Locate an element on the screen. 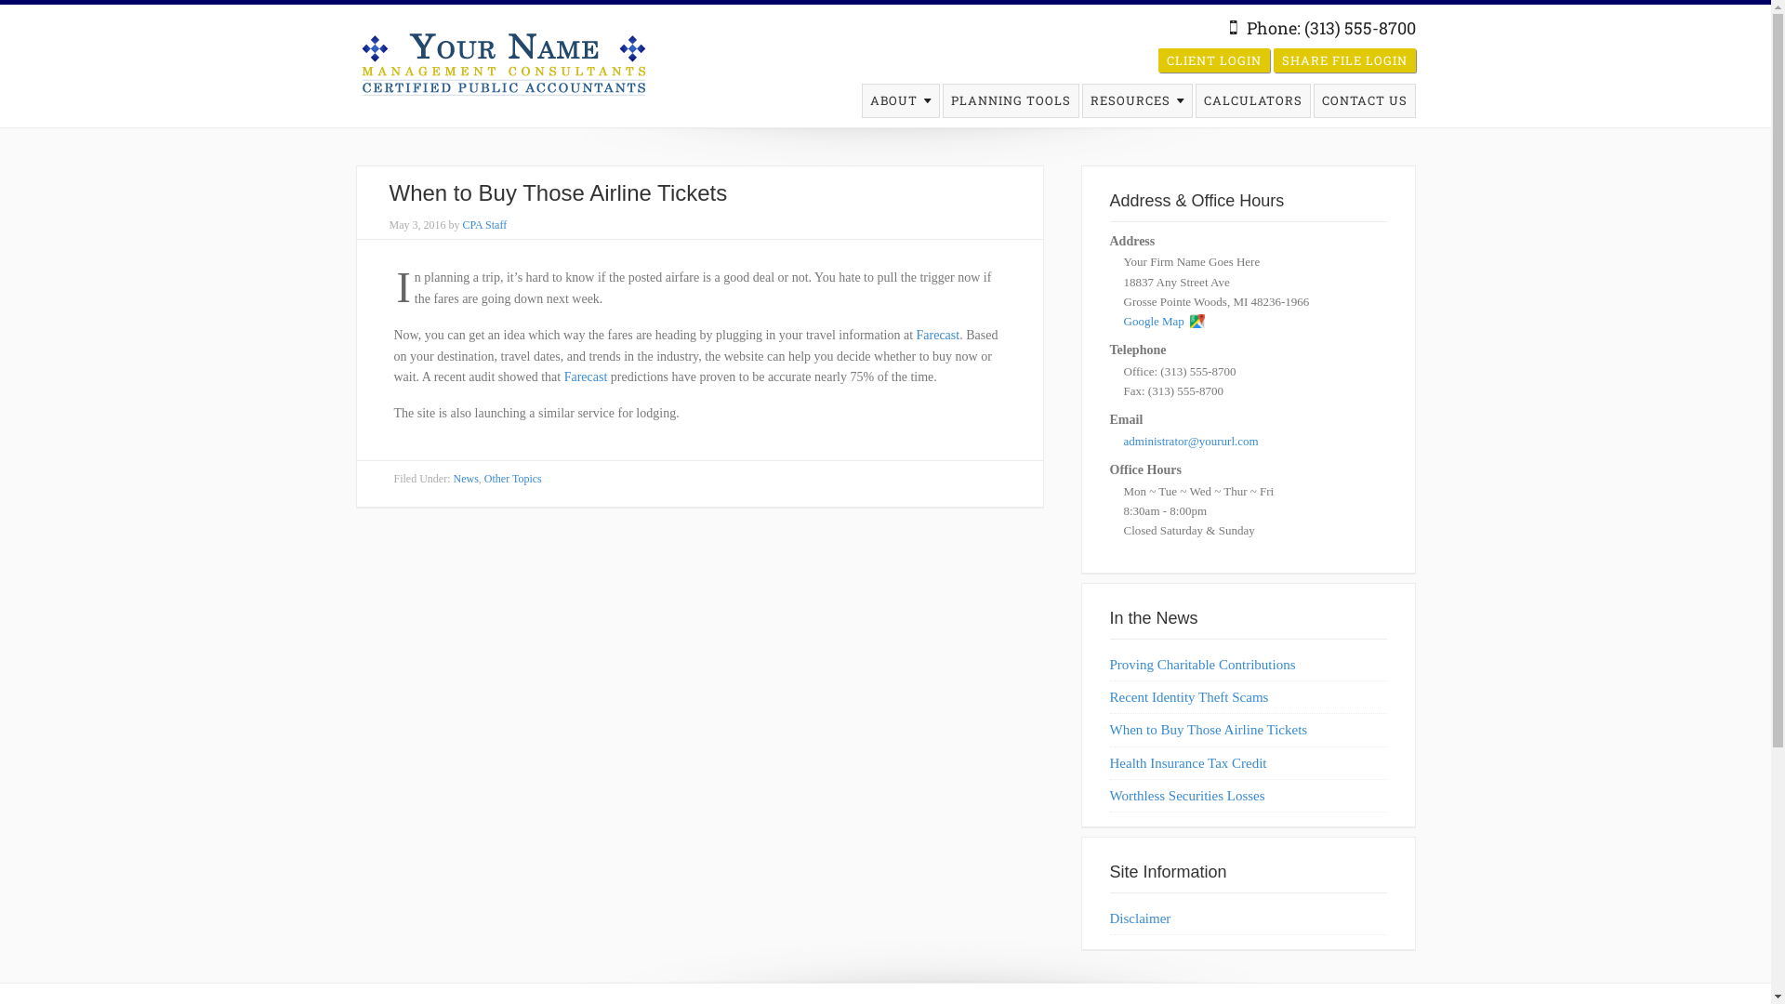 The height and width of the screenshot is (1004, 1785). 'Health Insurance Tax Credit' is located at coordinates (1110, 763).